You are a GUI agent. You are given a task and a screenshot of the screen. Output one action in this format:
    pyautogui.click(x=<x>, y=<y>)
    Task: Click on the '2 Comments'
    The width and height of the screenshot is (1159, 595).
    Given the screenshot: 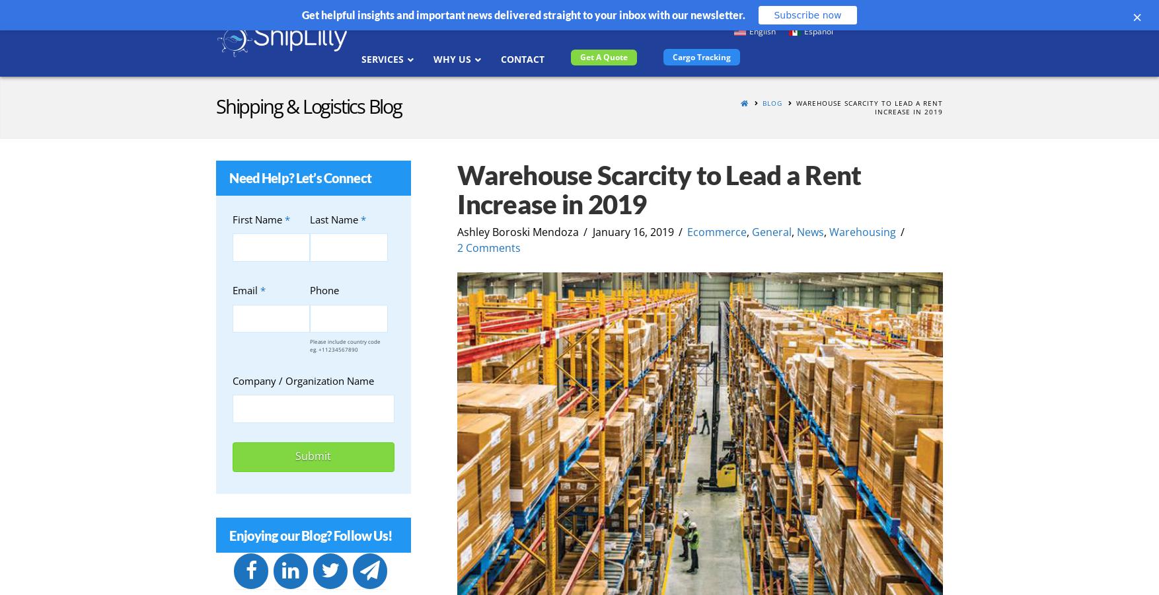 What is the action you would take?
    pyautogui.click(x=456, y=246)
    